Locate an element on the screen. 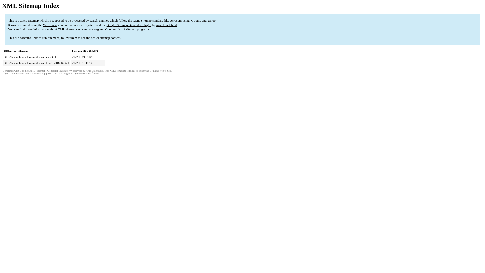 Image resolution: width=485 pixels, height=273 pixels. 'support forum' is located at coordinates (91, 73).